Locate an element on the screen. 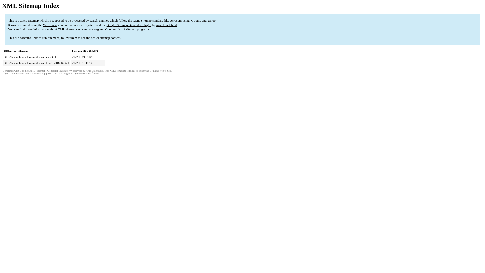 Image resolution: width=485 pixels, height=273 pixels. 'support forum' is located at coordinates (91, 73).